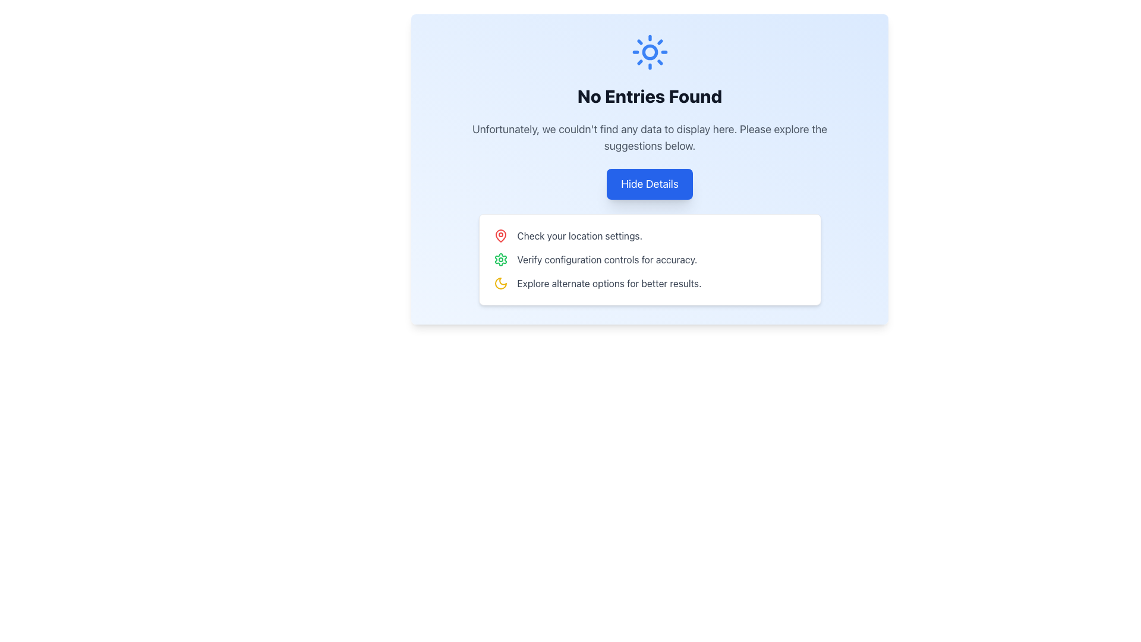 The height and width of the screenshot is (642, 1141). I want to click on the text label that says 'Check your location settings.', which is positioned beneath the 'No Entries Found' heading and aligned to the right of a red map pin icon, so click(579, 236).